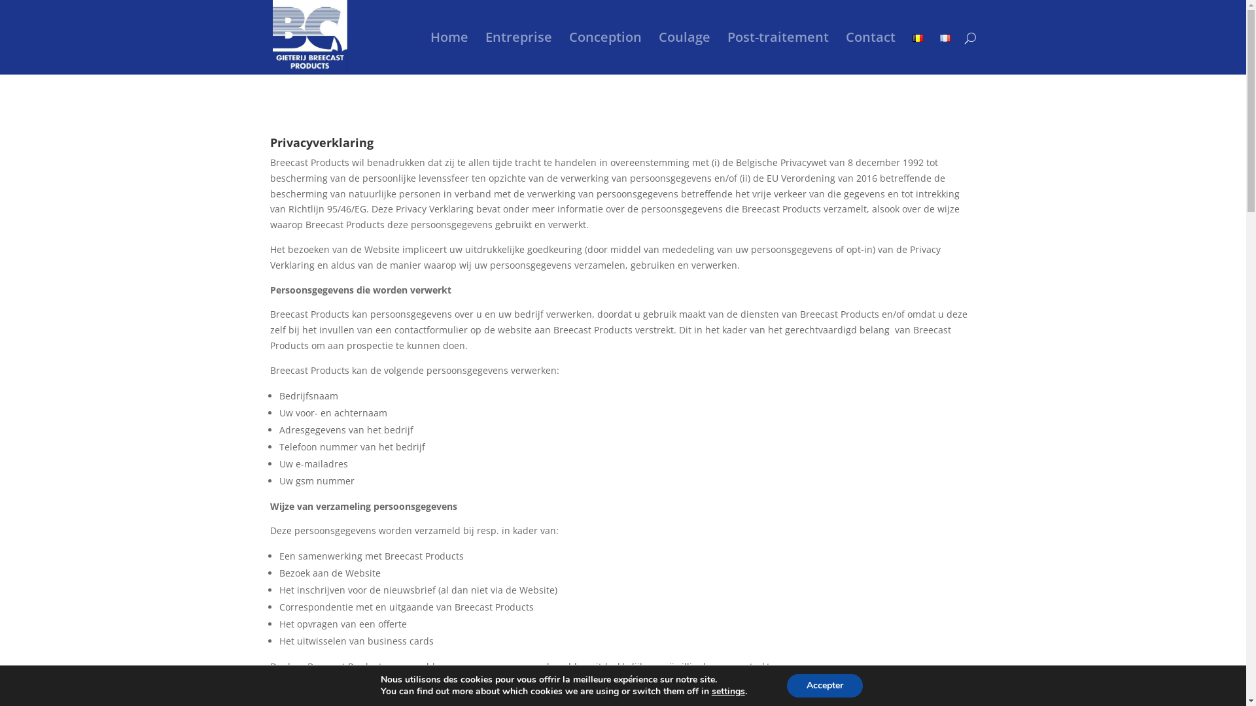  I want to click on 'Entreprise', so click(517, 52).